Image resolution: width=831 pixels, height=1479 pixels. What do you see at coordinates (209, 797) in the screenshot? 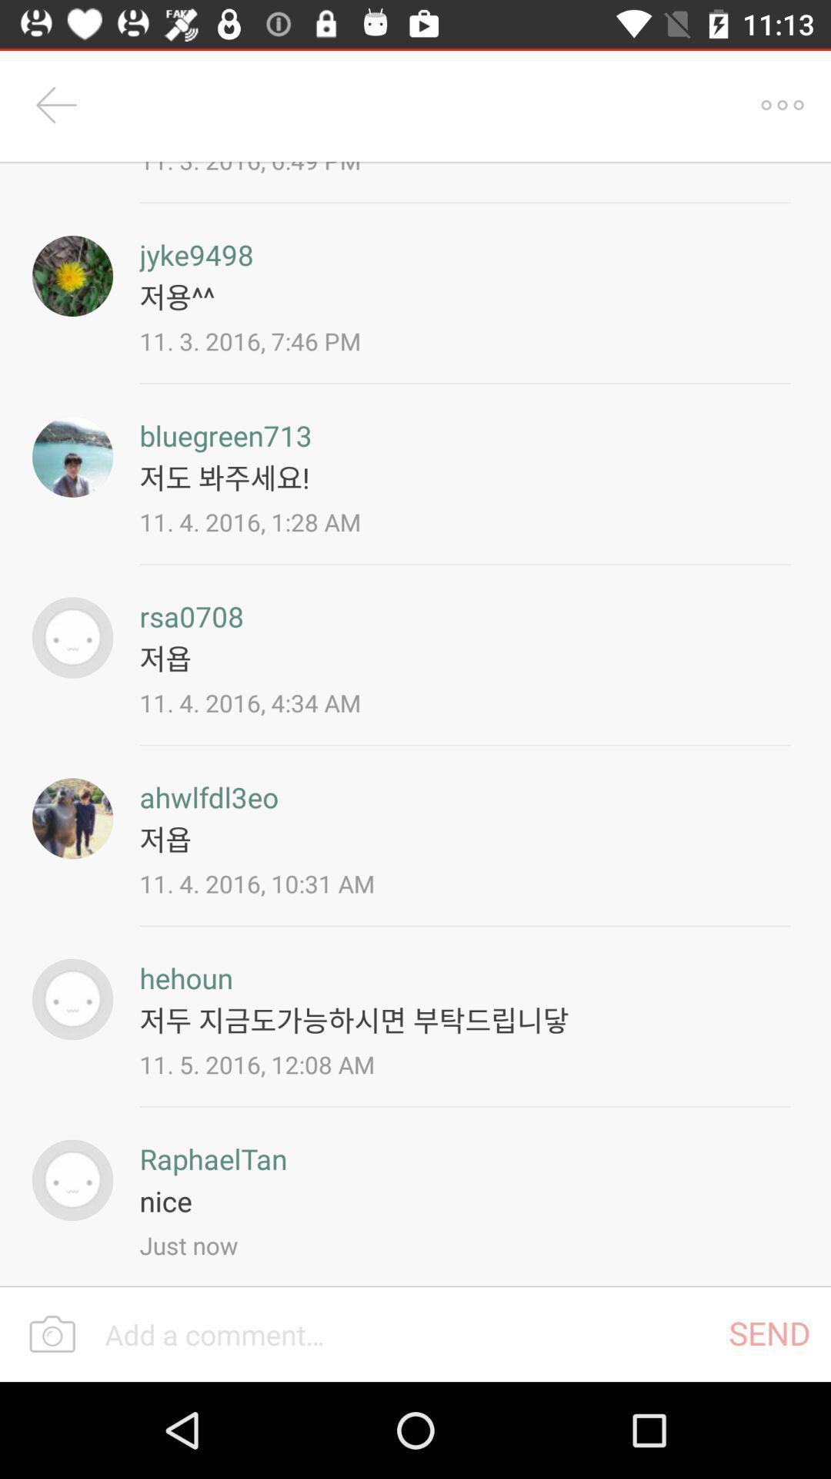
I see `ahwlfdl3eo item` at bounding box center [209, 797].